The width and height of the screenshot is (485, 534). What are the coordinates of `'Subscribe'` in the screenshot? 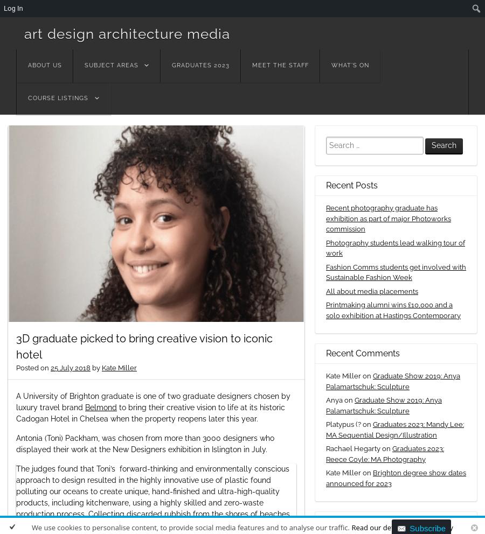 It's located at (427, 528).